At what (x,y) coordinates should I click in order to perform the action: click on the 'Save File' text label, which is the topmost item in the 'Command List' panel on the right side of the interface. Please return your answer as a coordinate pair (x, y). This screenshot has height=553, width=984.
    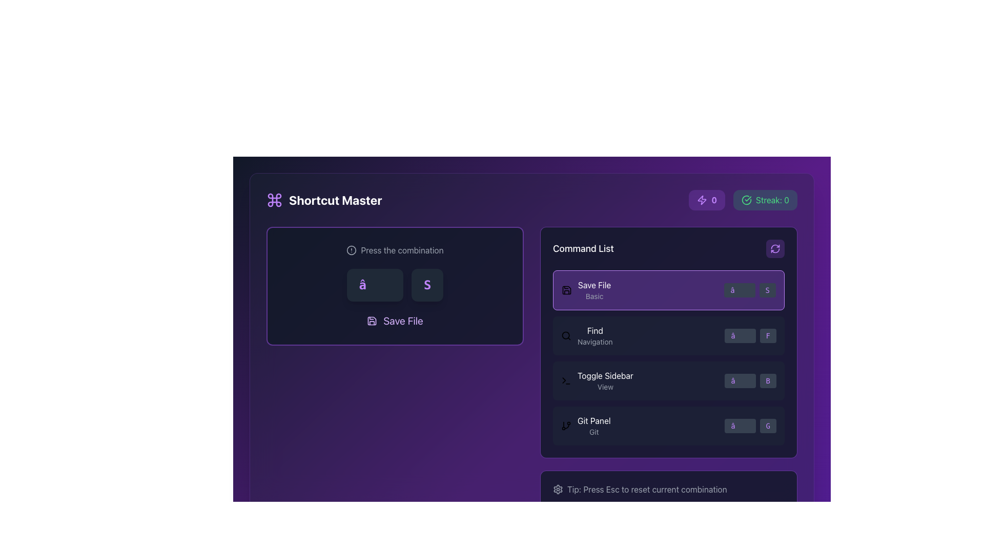
    Looking at the image, I should click on (594, 290).